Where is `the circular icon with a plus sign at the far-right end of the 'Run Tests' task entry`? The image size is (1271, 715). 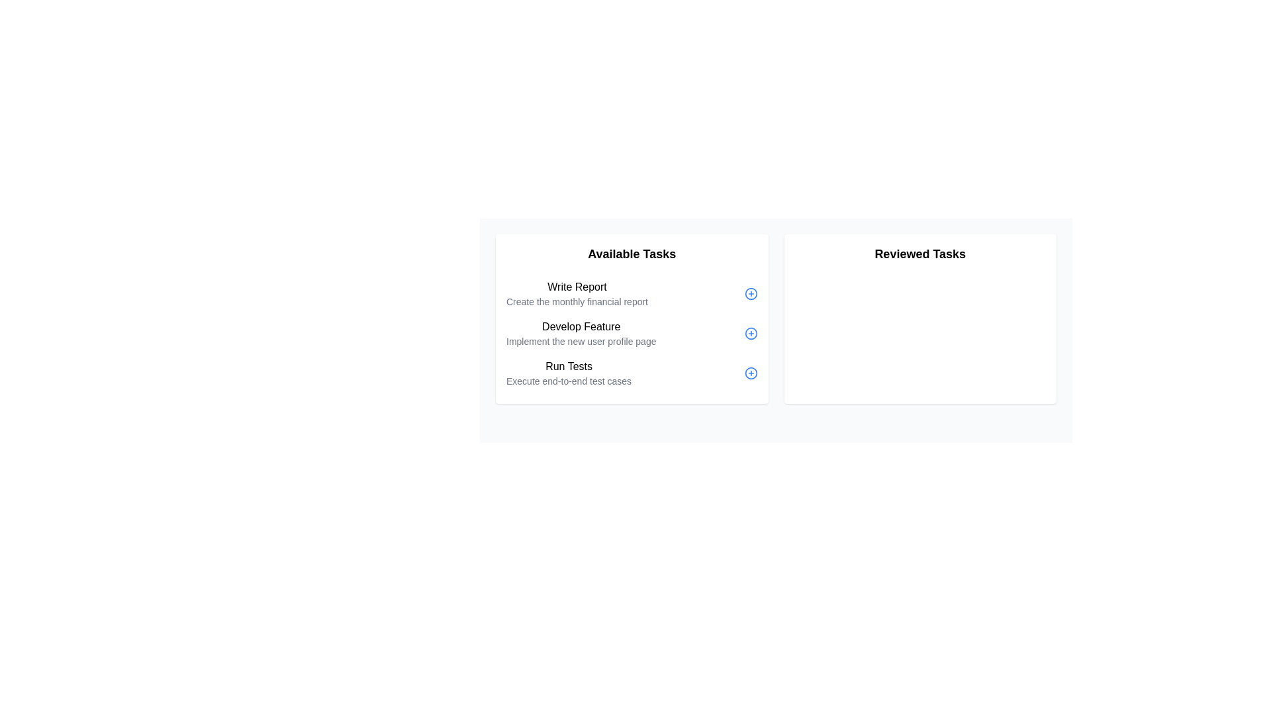
the circular icon with a plus sign at the far-right end of the 'Run Tests' task entry is located at coordinates (751, 373).